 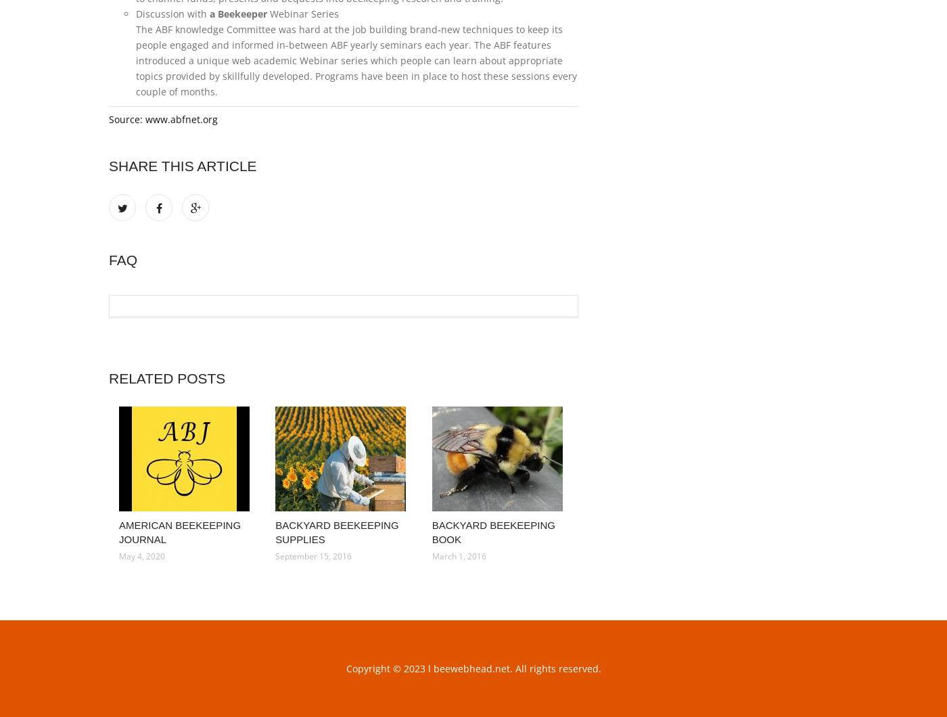 What do you see at coordinates (136, 60) in the screenshot?
I see `'The ABF knowledge Committee was hard at the job building brand-new techniques to keep its people engaged and informed in-between ABF yearly seminars each year. The ABF features introduced a unique web academic Webinar series which people can learn about appropriate topics provided by skillfully developed. Programs have been in place to host these sessions every couple of months.'` at bounding box center [136, 60].